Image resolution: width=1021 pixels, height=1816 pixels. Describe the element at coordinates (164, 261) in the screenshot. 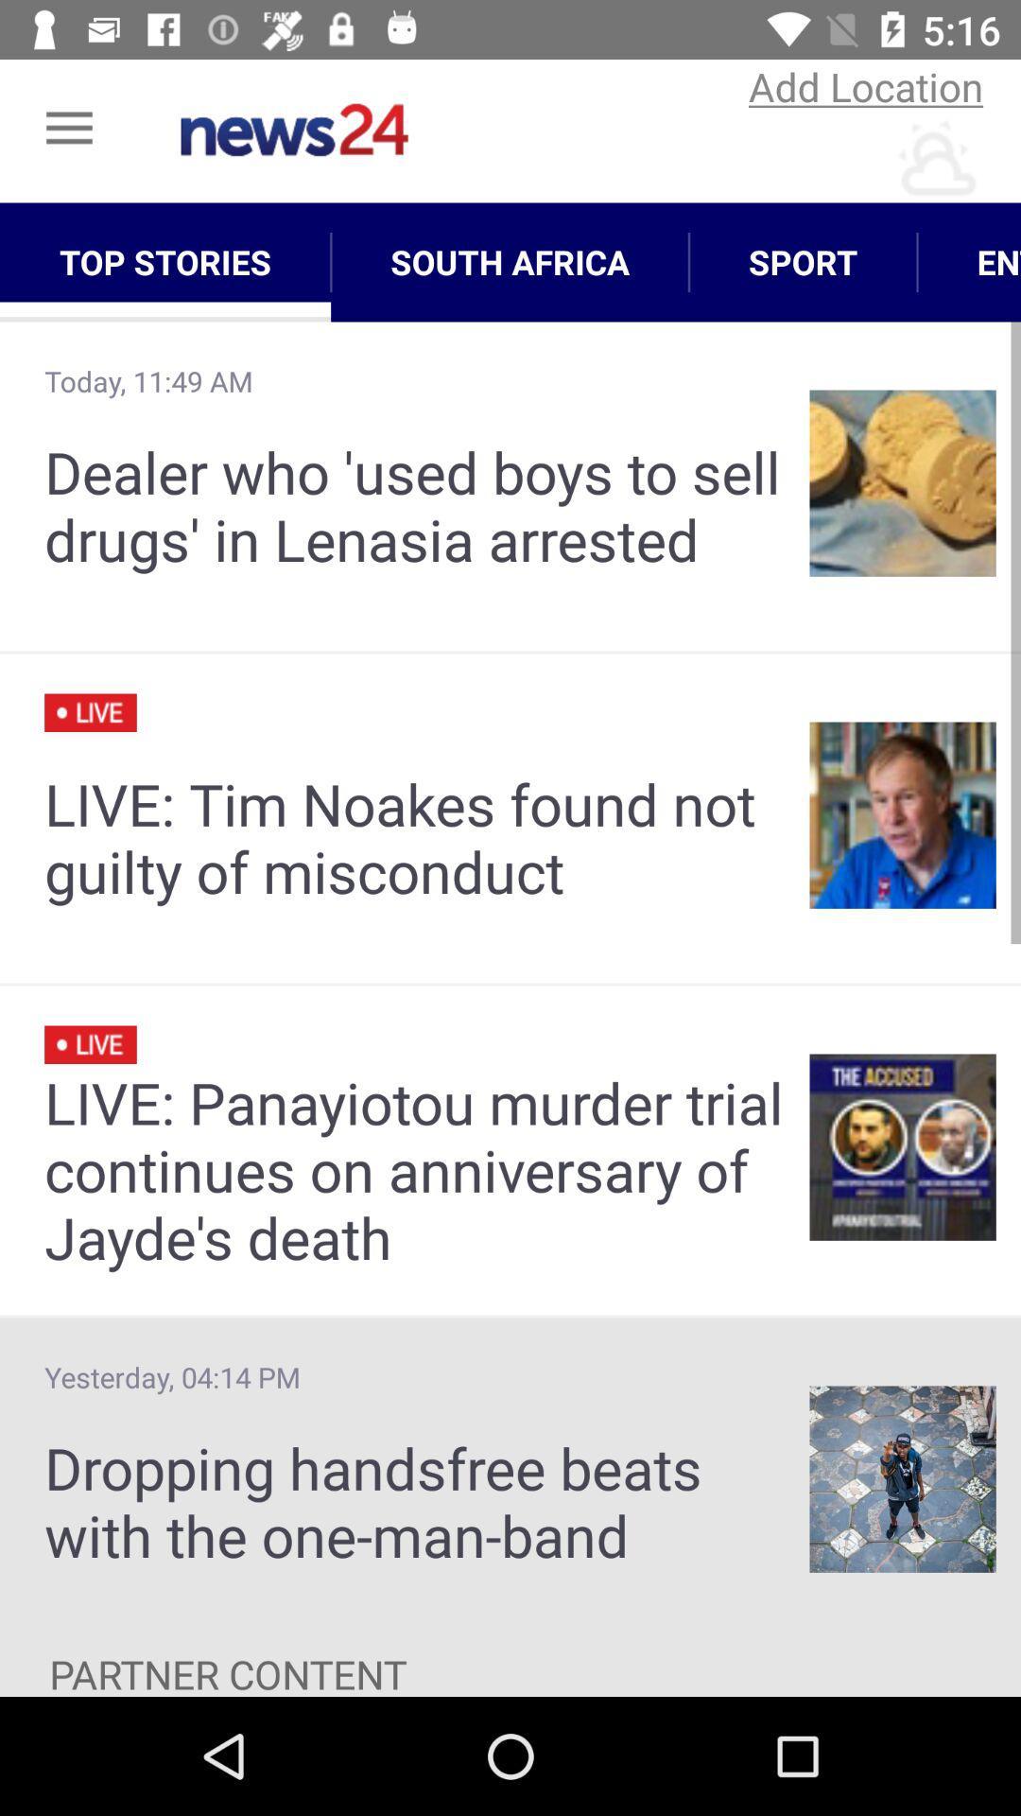

I see `top stories icon` at that location.